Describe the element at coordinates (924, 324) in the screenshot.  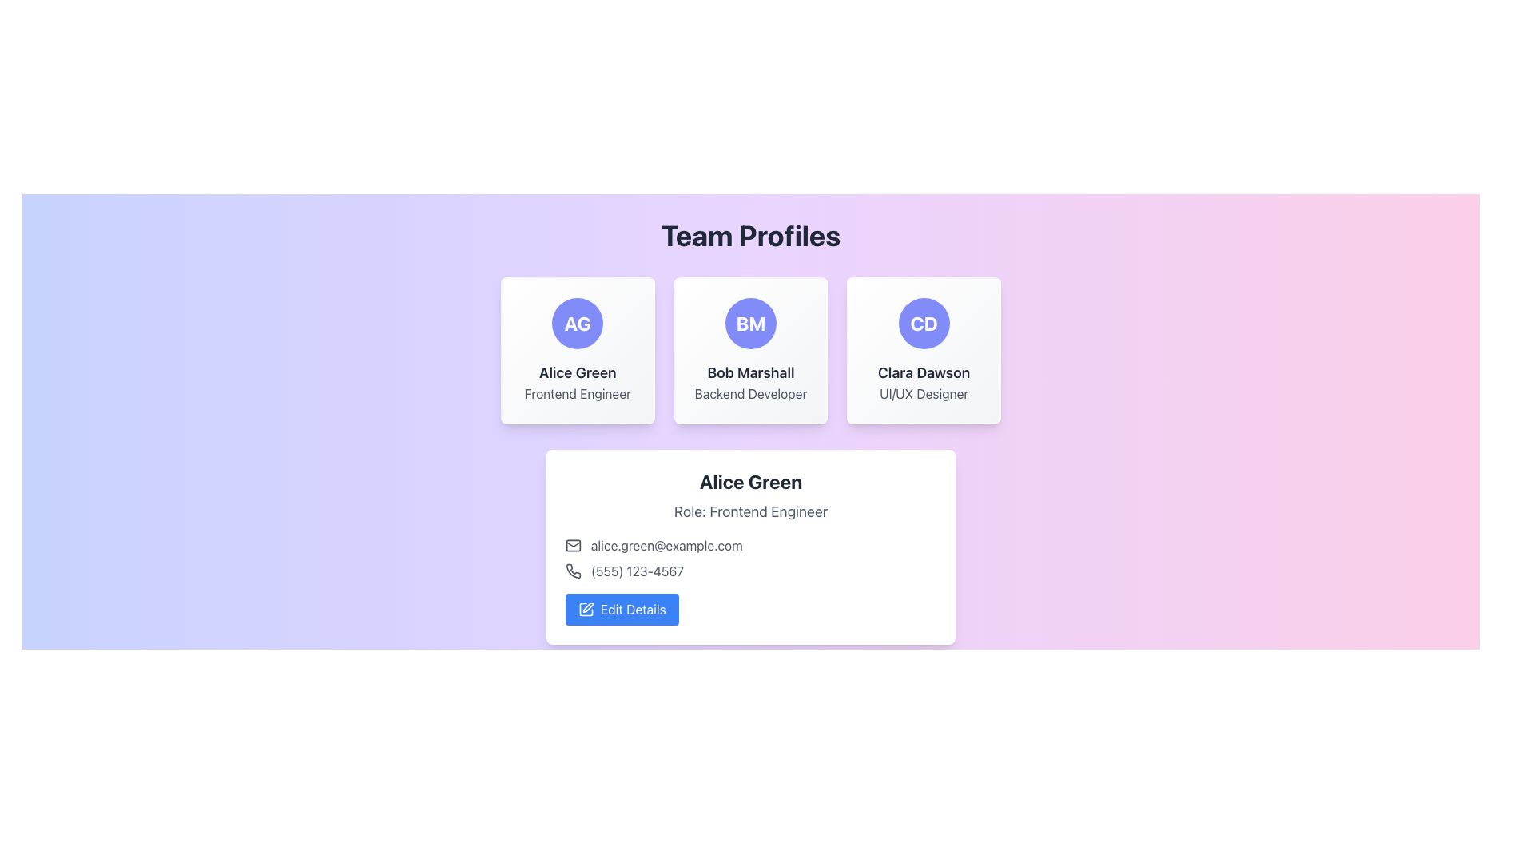
I see `the name 'Clara Dawson' and the job title 'UI/UX Designer' associated with the Circular Avatar Badge displaying 'CD'` at that location.